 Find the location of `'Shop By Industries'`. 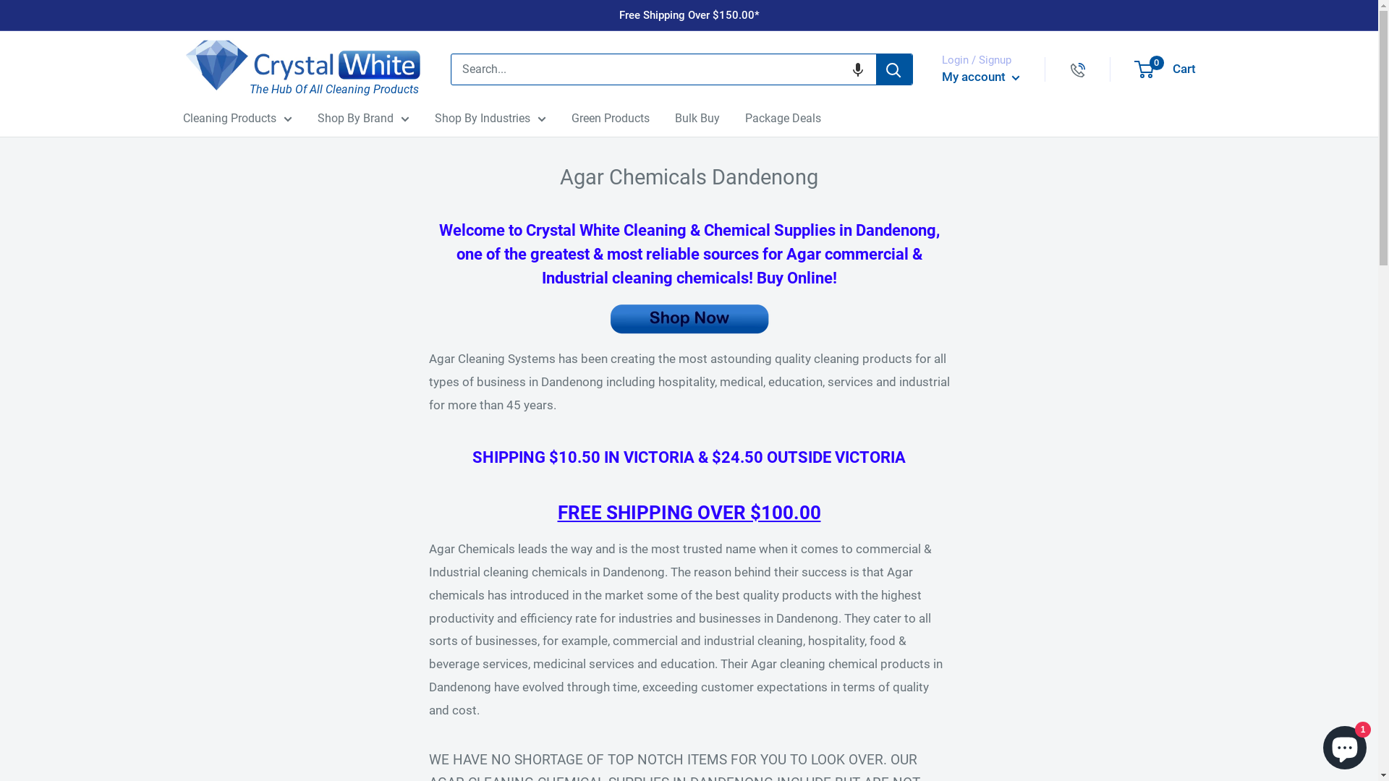

'Shop By Industries' is located at coordinates (489, 118).